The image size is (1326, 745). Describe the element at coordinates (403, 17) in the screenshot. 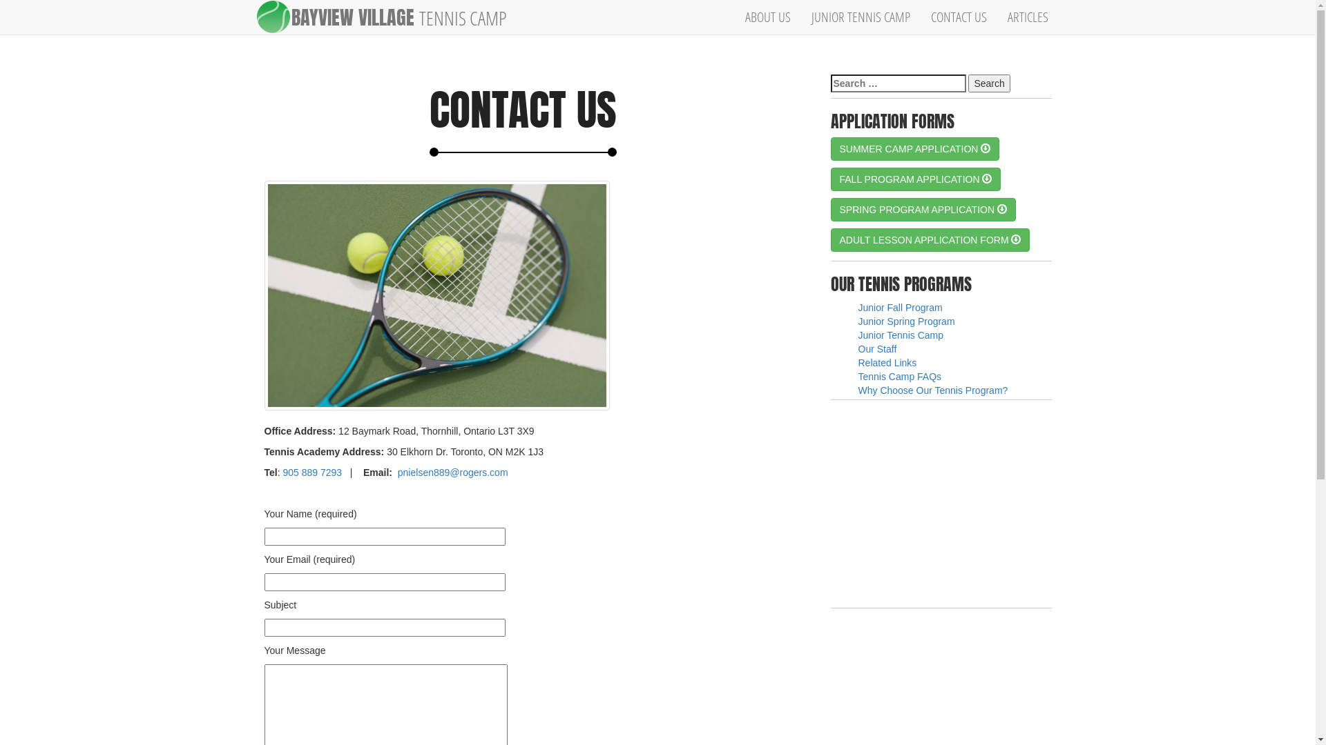

I see `'BAYVIEW VILLAGE TENNIS CAMP'` at that location.